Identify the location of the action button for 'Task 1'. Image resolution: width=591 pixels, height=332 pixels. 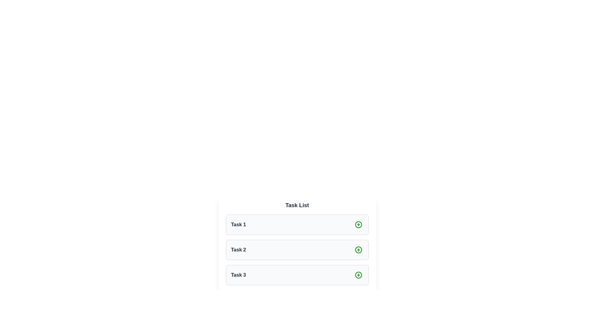
(358, 225).